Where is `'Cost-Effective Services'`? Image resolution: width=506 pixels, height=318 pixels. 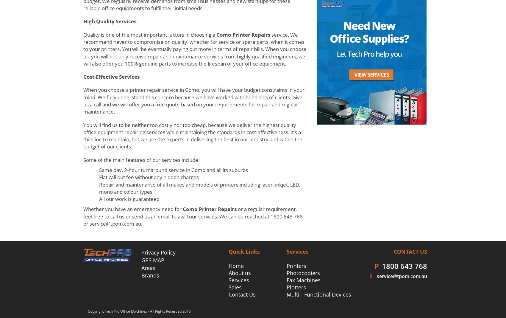
'Cost-Effective Services' is located at coordinates (83, 77).